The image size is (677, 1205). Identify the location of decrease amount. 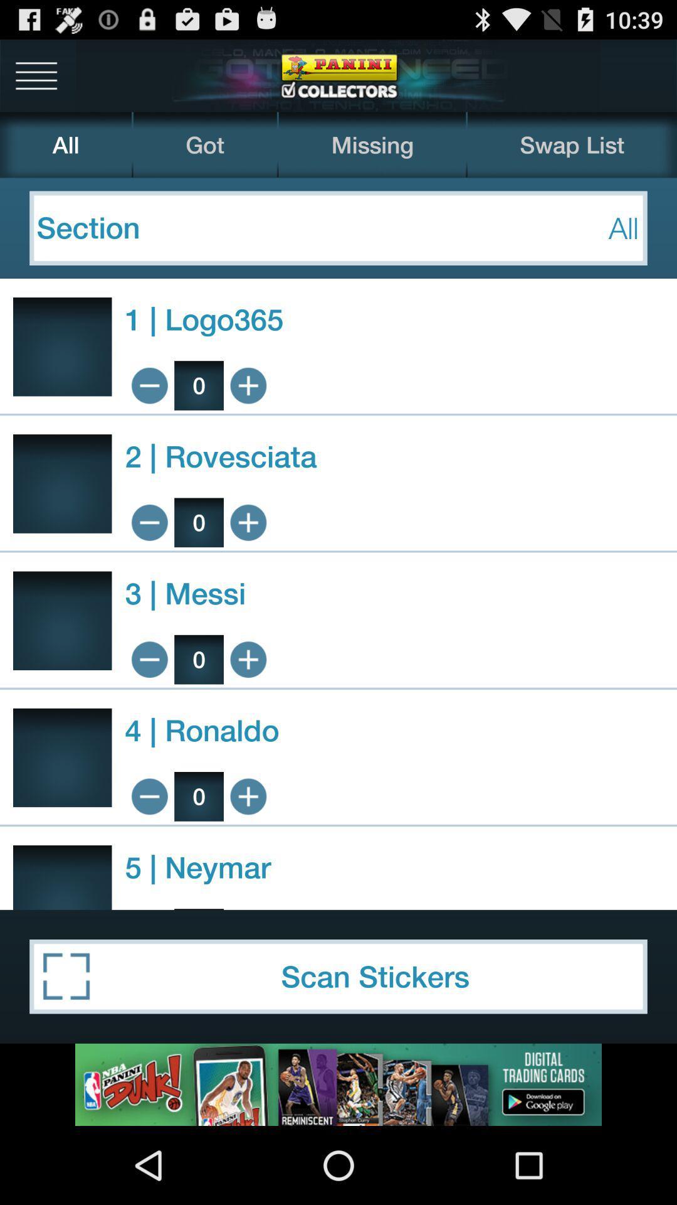
(149, 522).